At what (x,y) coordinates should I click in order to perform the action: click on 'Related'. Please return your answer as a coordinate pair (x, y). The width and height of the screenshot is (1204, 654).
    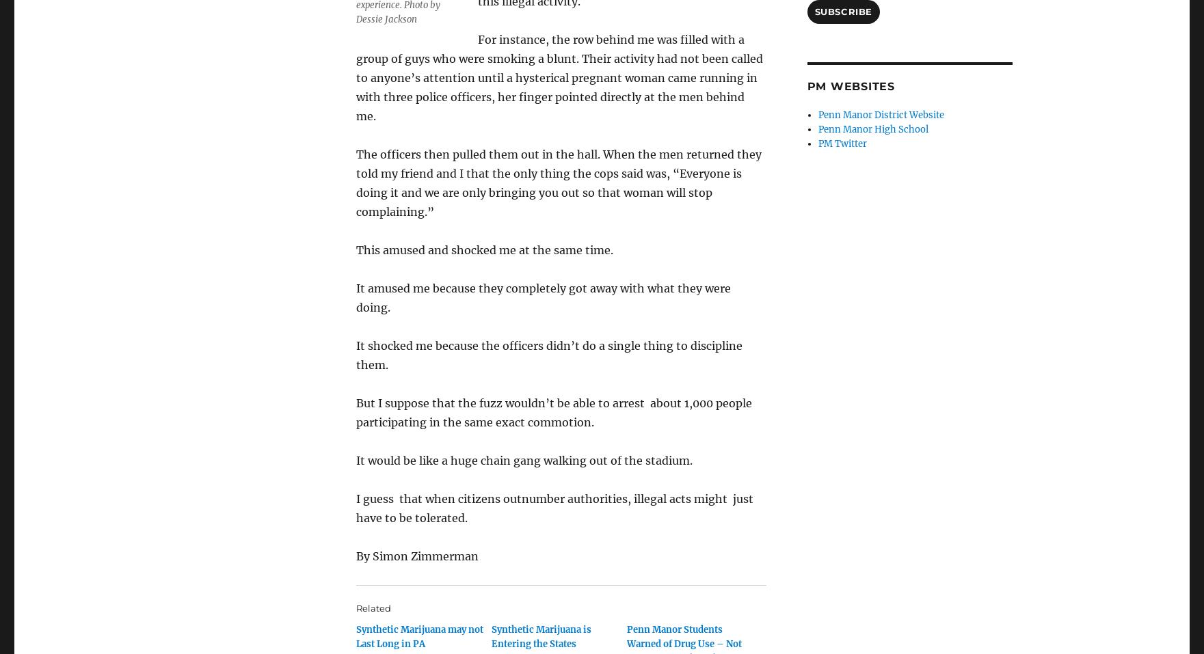
    Looking at the image, I should click on (372, 608).